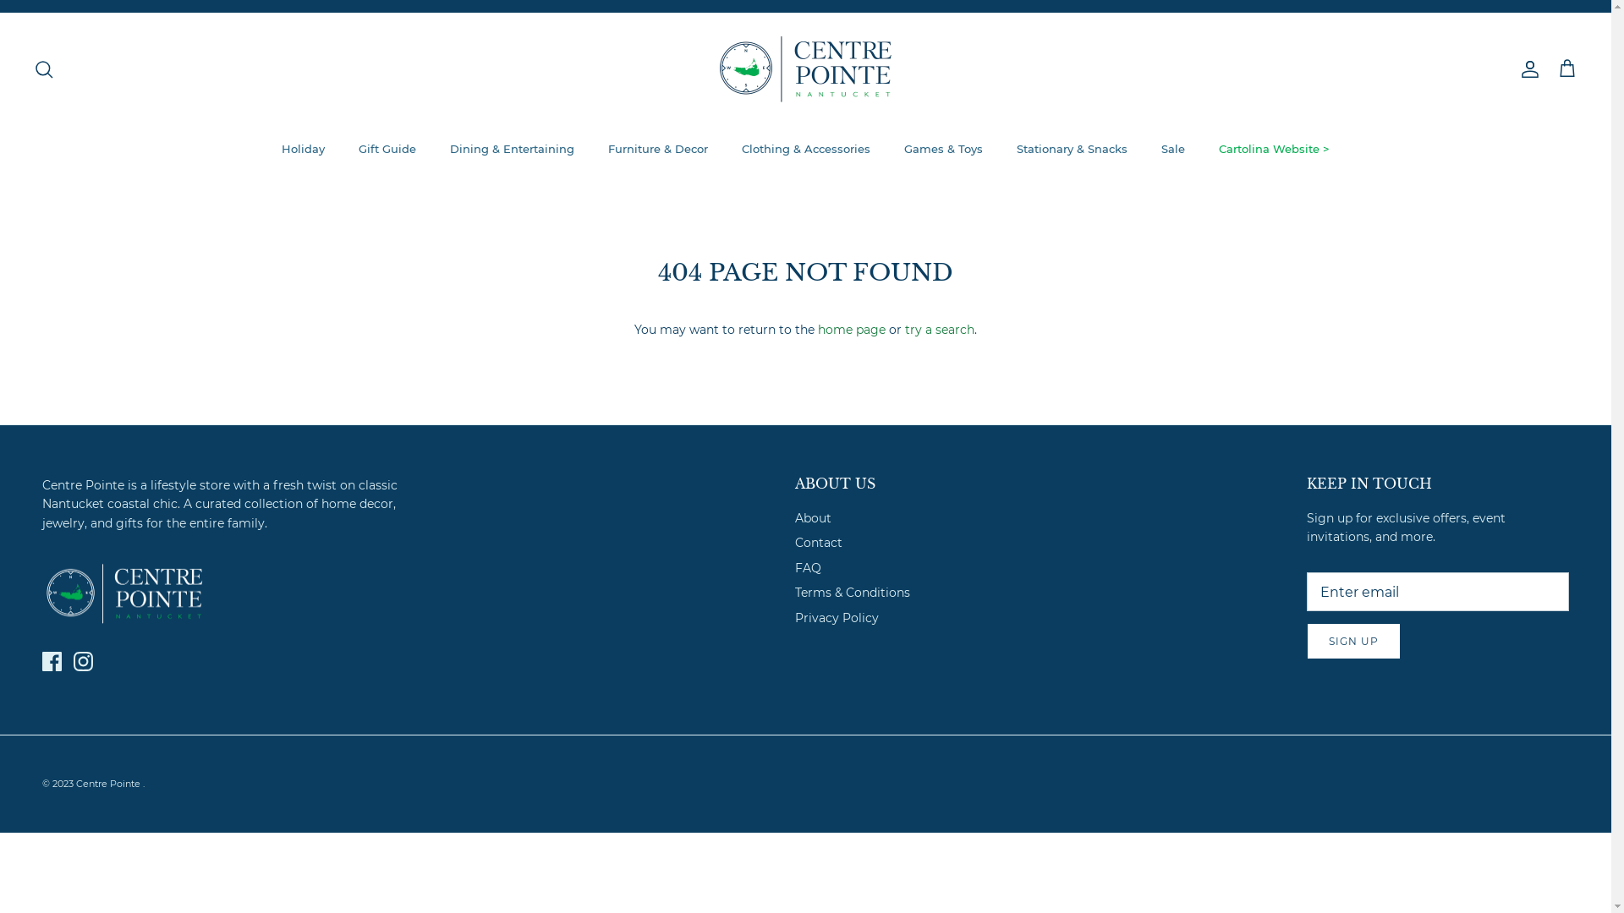  What do you see at coordinates (805, 149) in the screenshot?
I see `'Clothing & Accessories'` at bounding box center [805, 149].